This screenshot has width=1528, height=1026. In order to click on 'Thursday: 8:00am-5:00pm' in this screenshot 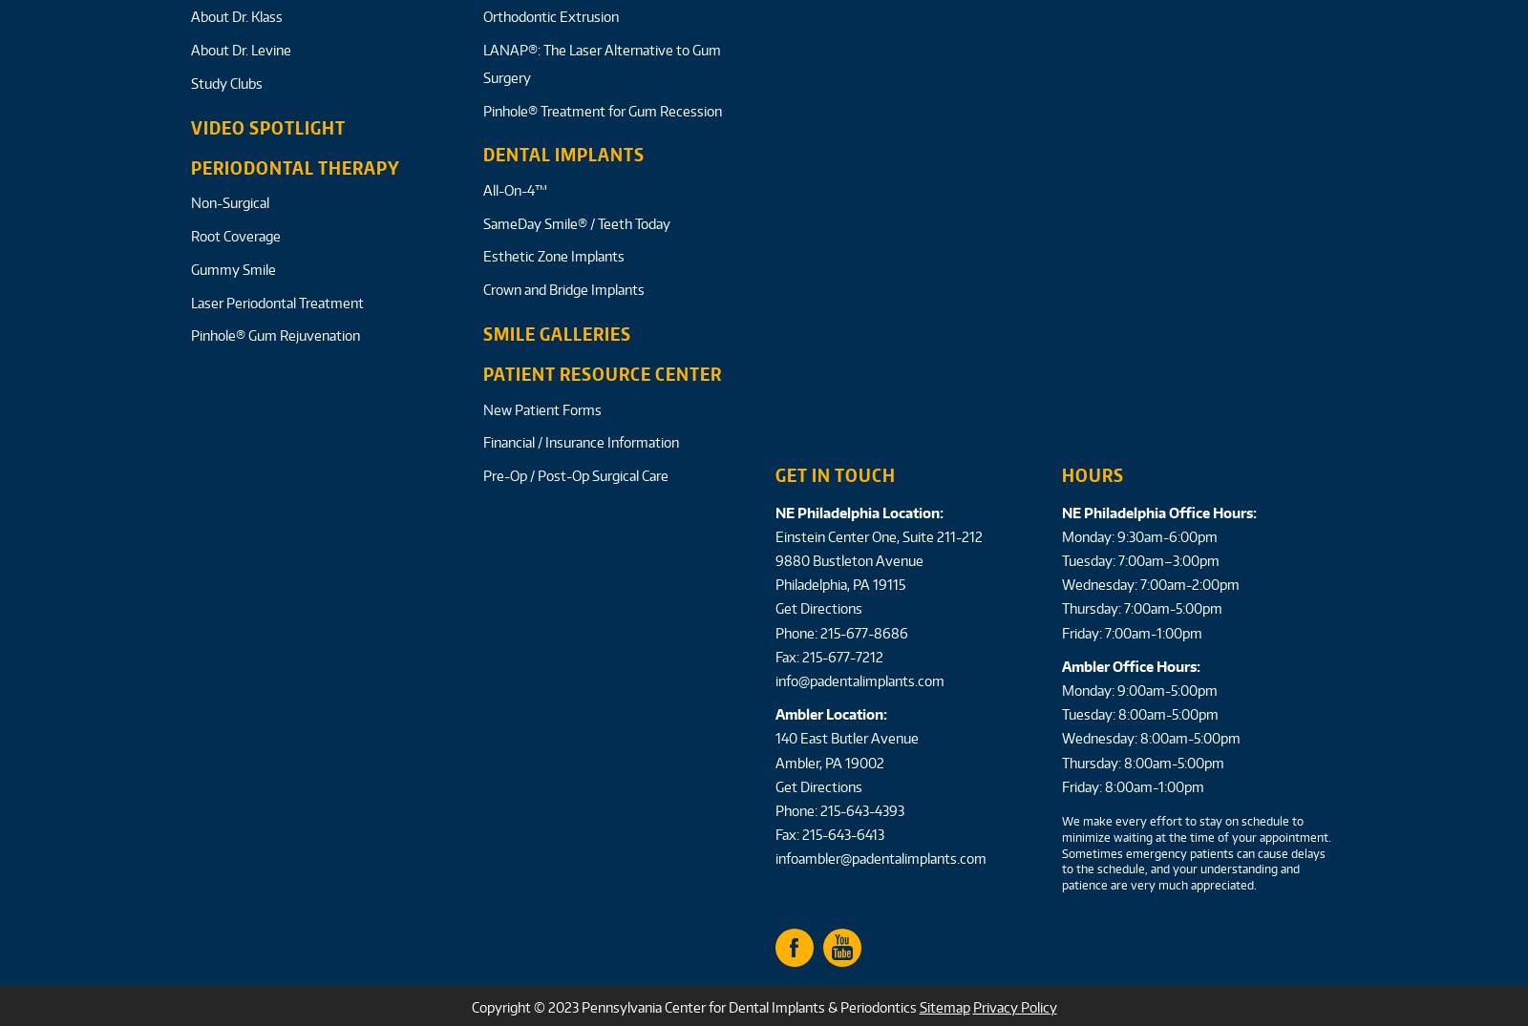, I will do `click(1142, 761)`.